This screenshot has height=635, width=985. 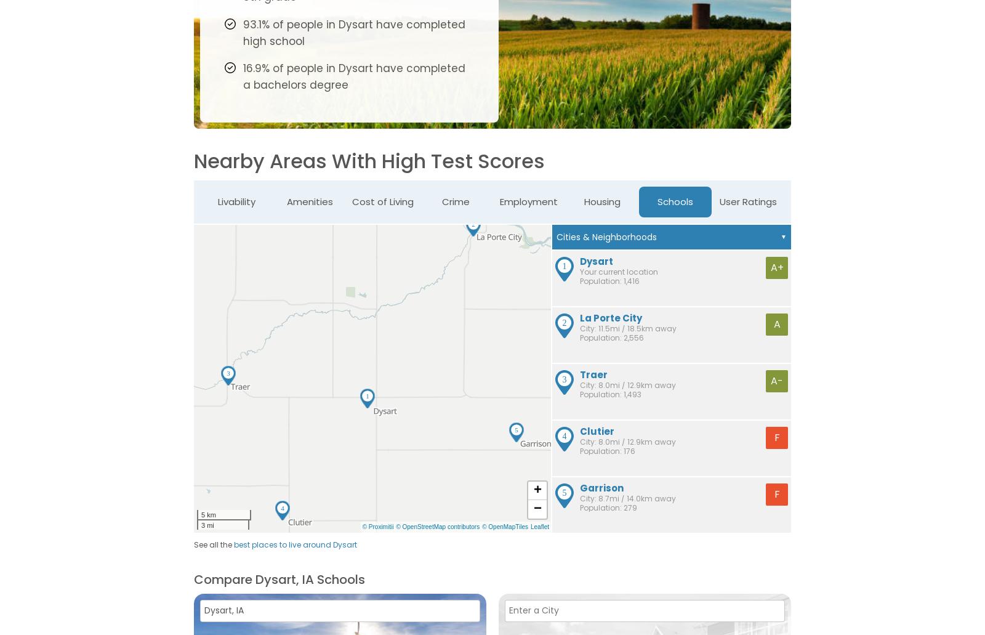 What do you see at coordinates (279, 578) in the screenshot?
I see `'Compare Dysart, IA Schools'` at bounding box center [279, 578].